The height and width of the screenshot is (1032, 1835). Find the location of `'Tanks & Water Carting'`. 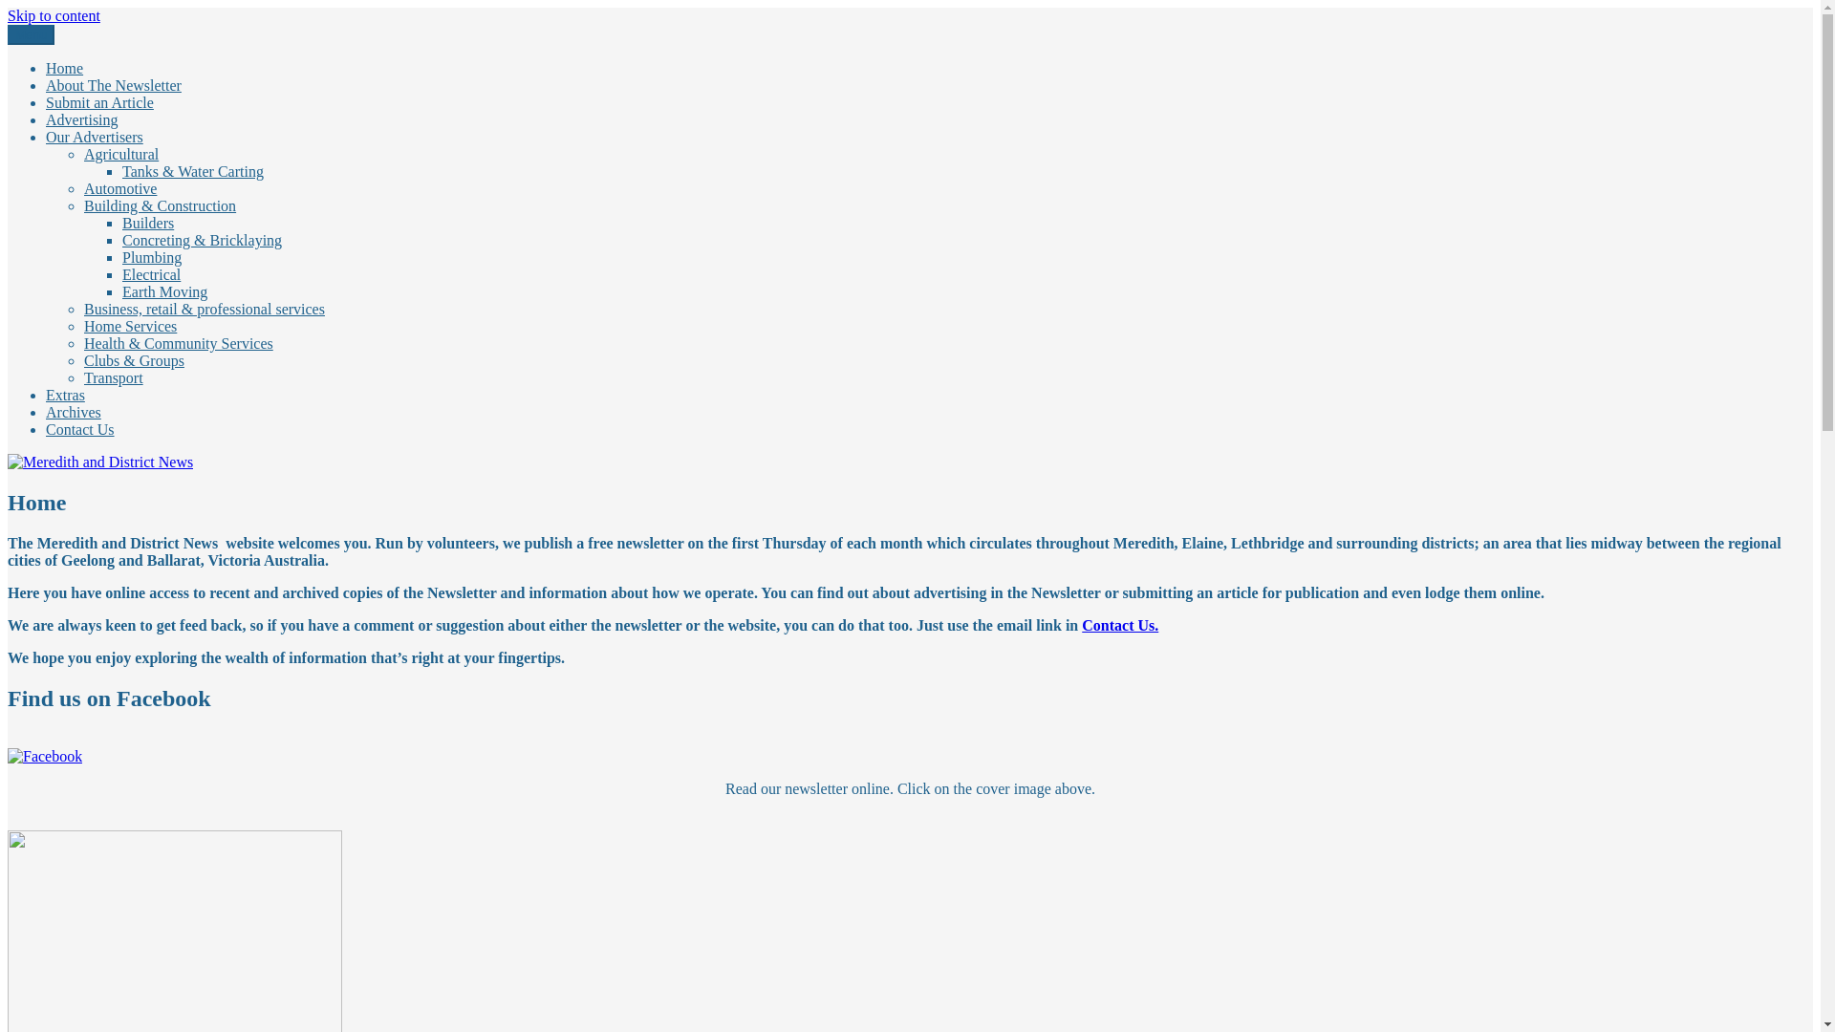

'Tanks & Water Carting' is located at coordinates (192, 170).